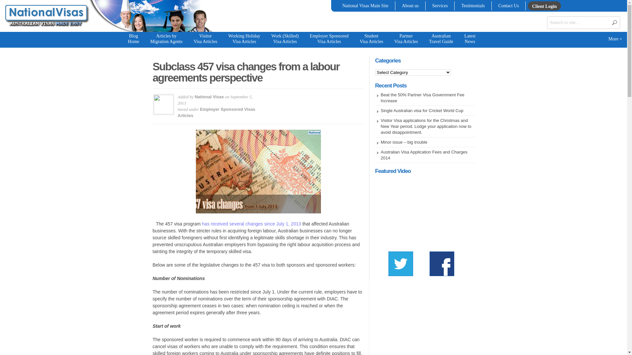 The width and height of the screenshot is (632, 355). I want to click on 'Australia Visa Immigration Information', so click(45, 16).